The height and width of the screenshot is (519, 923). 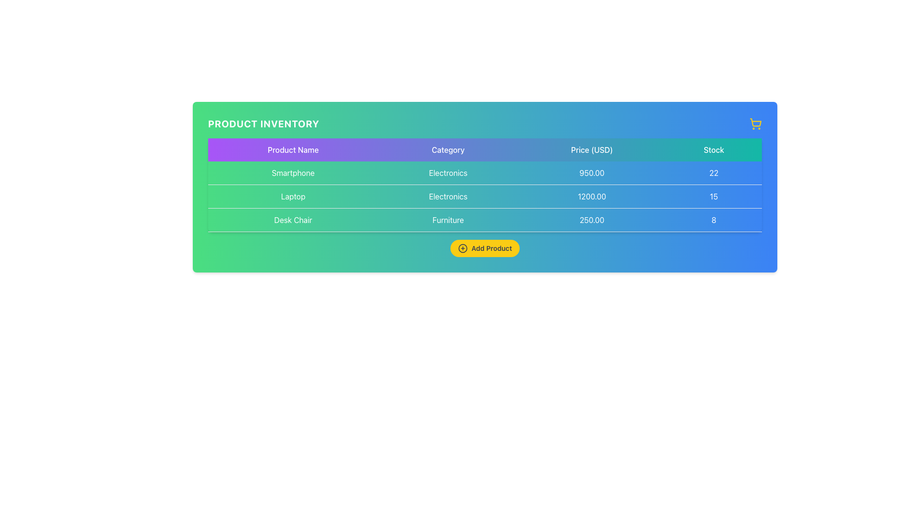 I want to click on the text label displaying 'PRODUCT INVENTORY' in bold, extra-large white font against a gradient background, so click(x=263, y=124).